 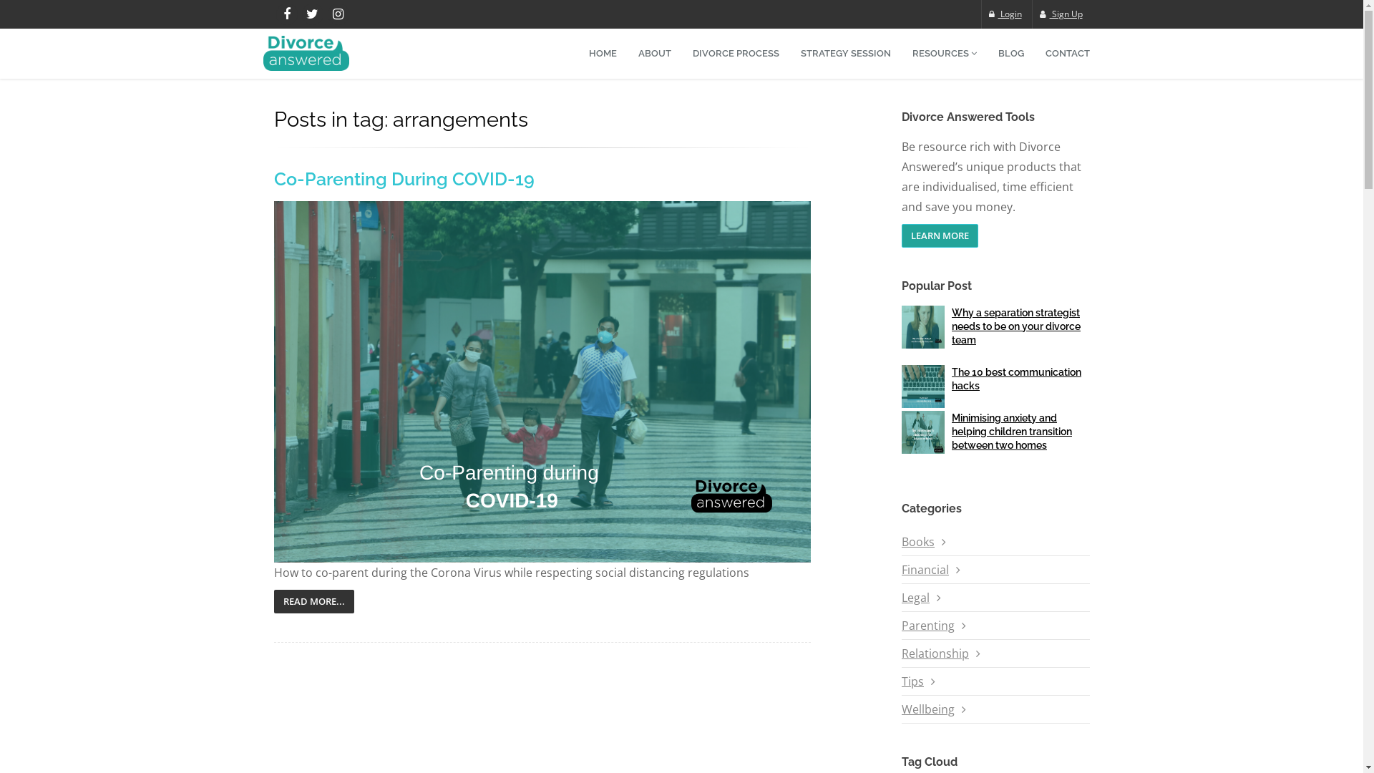 What do you see at coordinates (917, 541) in the screenshot?
I see `'Books'` at bounding box center [917, 541].